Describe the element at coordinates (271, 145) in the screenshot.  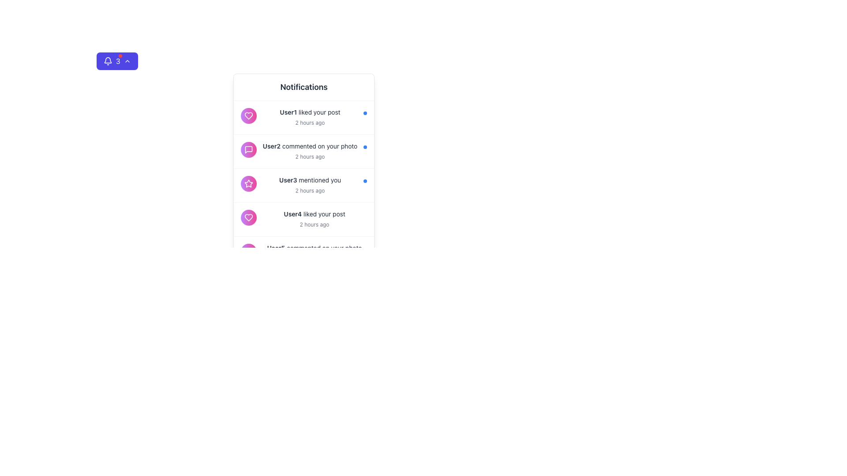
I see `the text label that identifies the user in the notification message 'User2 commented on your photo', located in the second notification entry of the notifications list` at that location.